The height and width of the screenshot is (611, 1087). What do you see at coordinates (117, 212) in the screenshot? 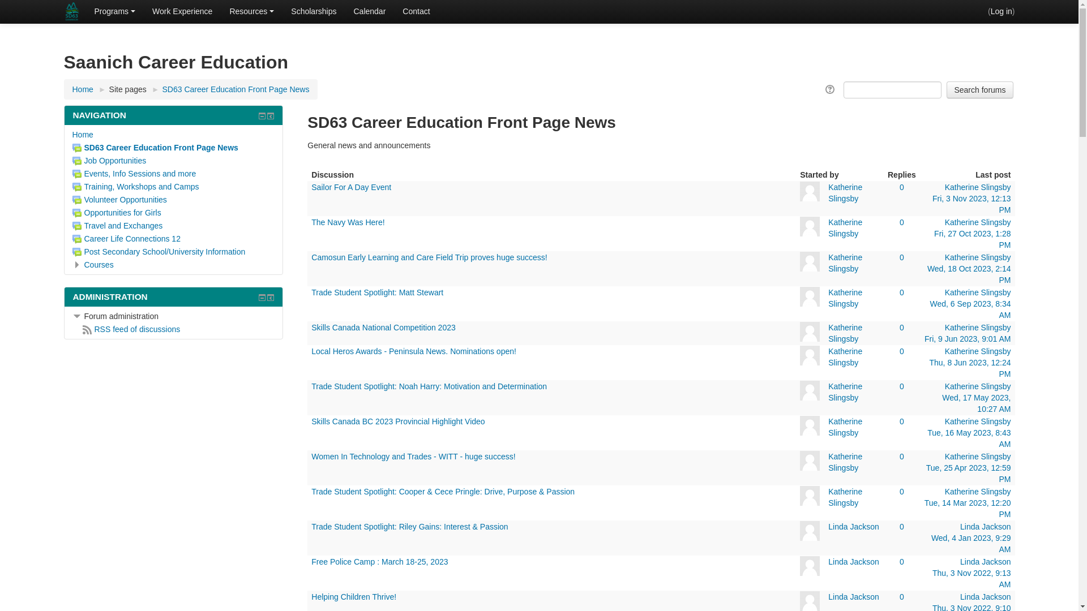
I see `'Opportunities for Girls'` at bounding box center [117, 212].